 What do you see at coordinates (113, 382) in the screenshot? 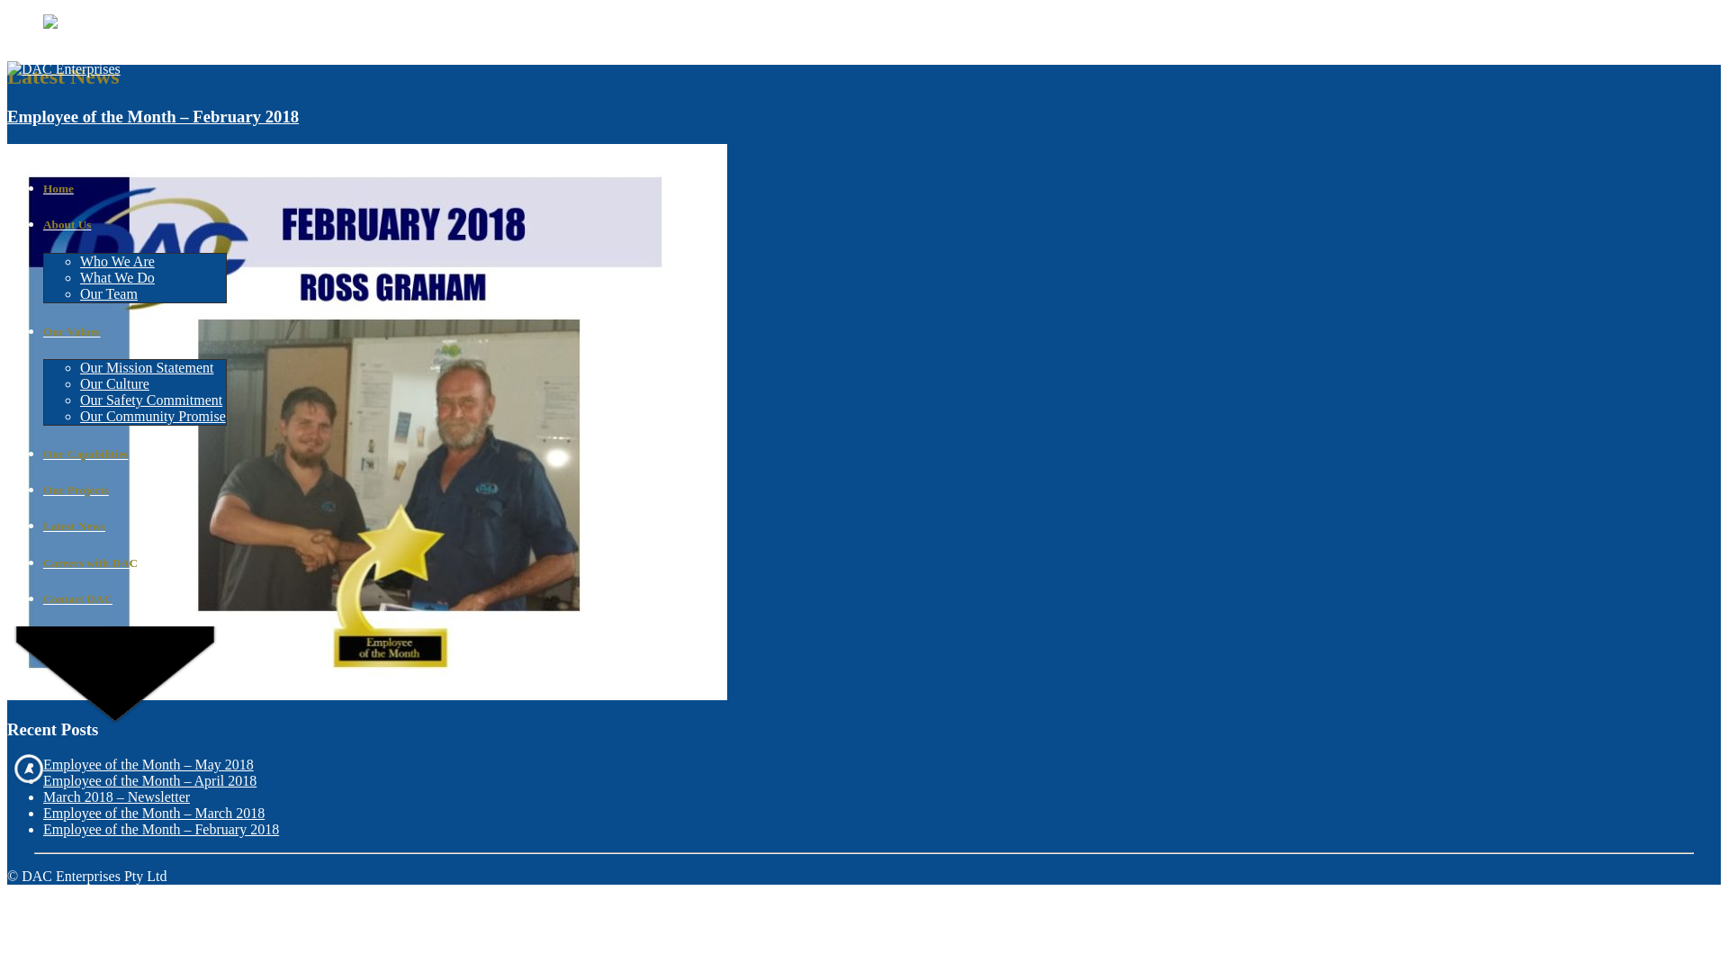
I see `'Our Culture'` at bounding box center [113, 382].